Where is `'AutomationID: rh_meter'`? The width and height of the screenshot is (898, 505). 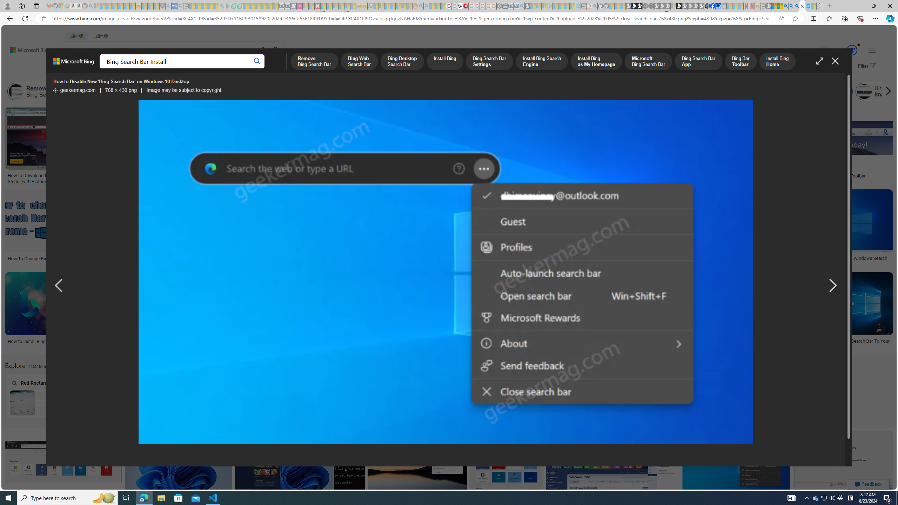
'AutomationID: rh_meter' is located at coordinates (852, 49).